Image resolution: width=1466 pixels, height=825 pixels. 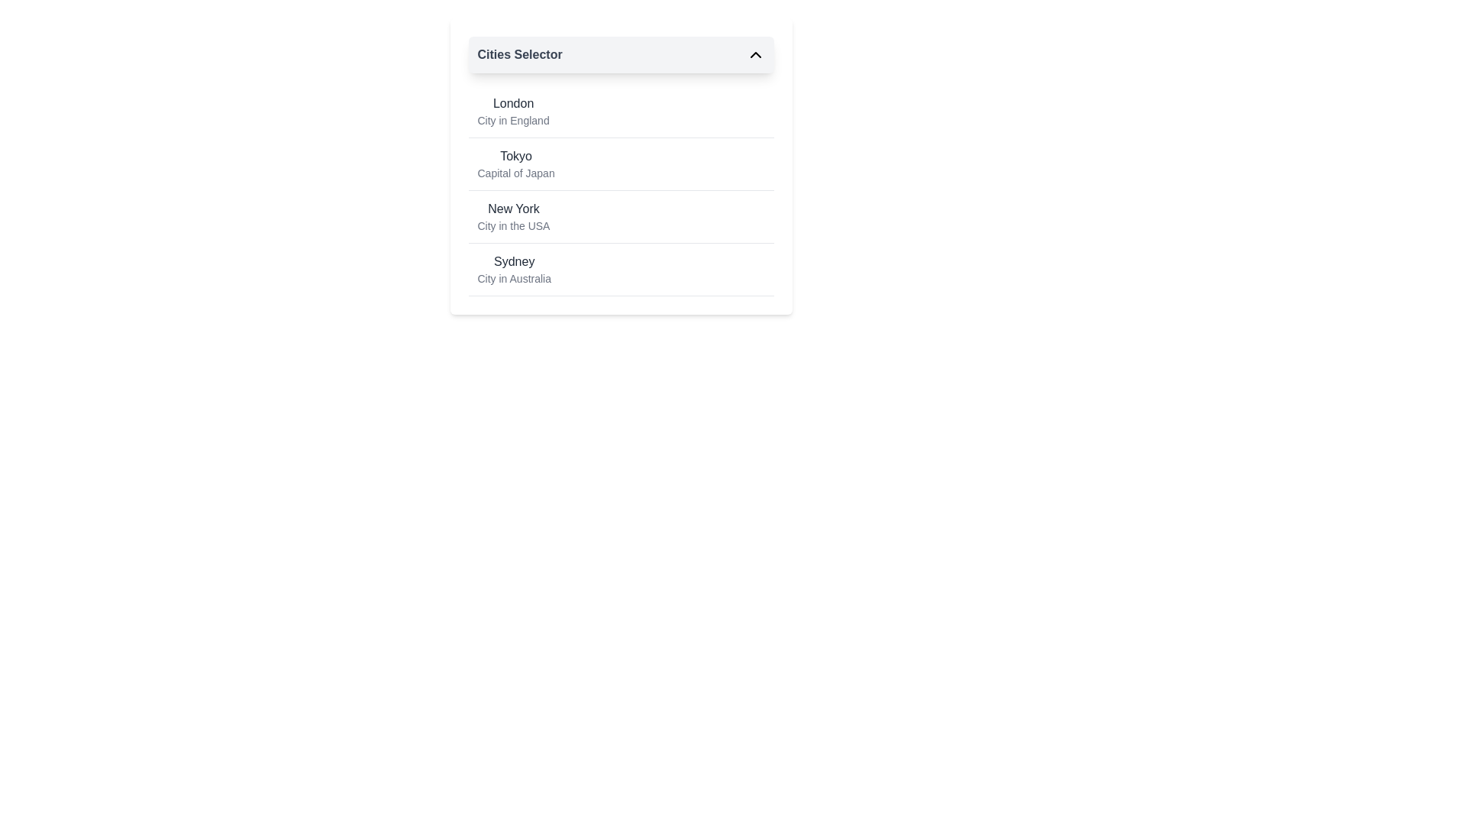 I want to click on the text label displaying the word 'London', so click(x=513, y=103).